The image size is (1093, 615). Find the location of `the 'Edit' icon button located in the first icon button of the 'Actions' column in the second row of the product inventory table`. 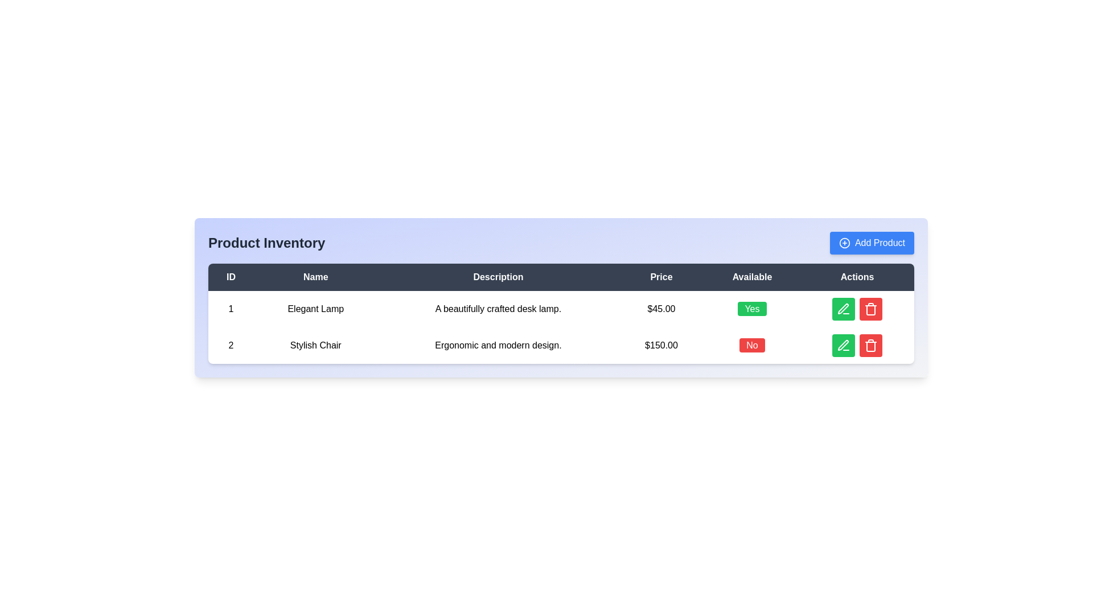

the 'Edit' icon button located in the first icon button of the 'Actions' column in the second row of the product inventory table is located at coordinates (844, 345).